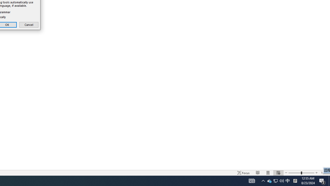 The width and height of the screenshot is (330, 186). Describe the element at coordinates (324, 173) in the screenshot. I see `'Zoom 100%'` at that location.